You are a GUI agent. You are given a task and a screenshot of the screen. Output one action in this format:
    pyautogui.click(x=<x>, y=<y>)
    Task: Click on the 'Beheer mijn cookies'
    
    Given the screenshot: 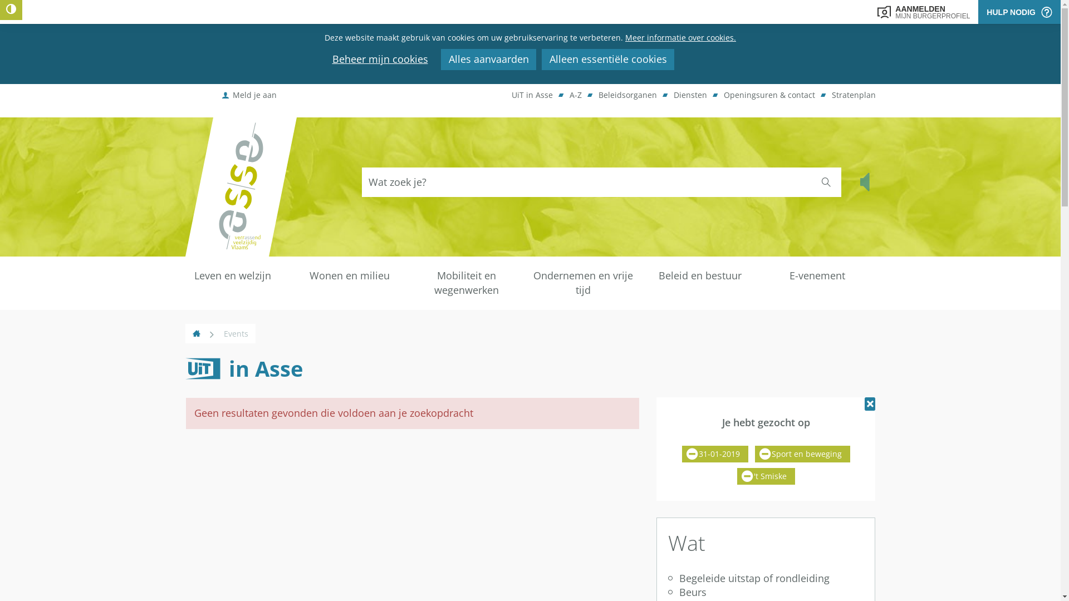 What is the action you would take?
    pyautogui.click(x=380, y=60)
    